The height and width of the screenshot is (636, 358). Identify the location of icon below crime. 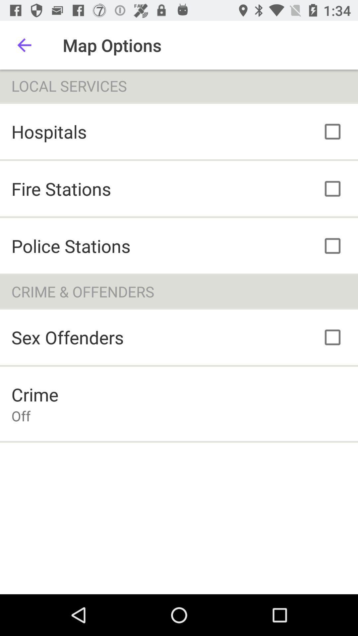
(21, 415).